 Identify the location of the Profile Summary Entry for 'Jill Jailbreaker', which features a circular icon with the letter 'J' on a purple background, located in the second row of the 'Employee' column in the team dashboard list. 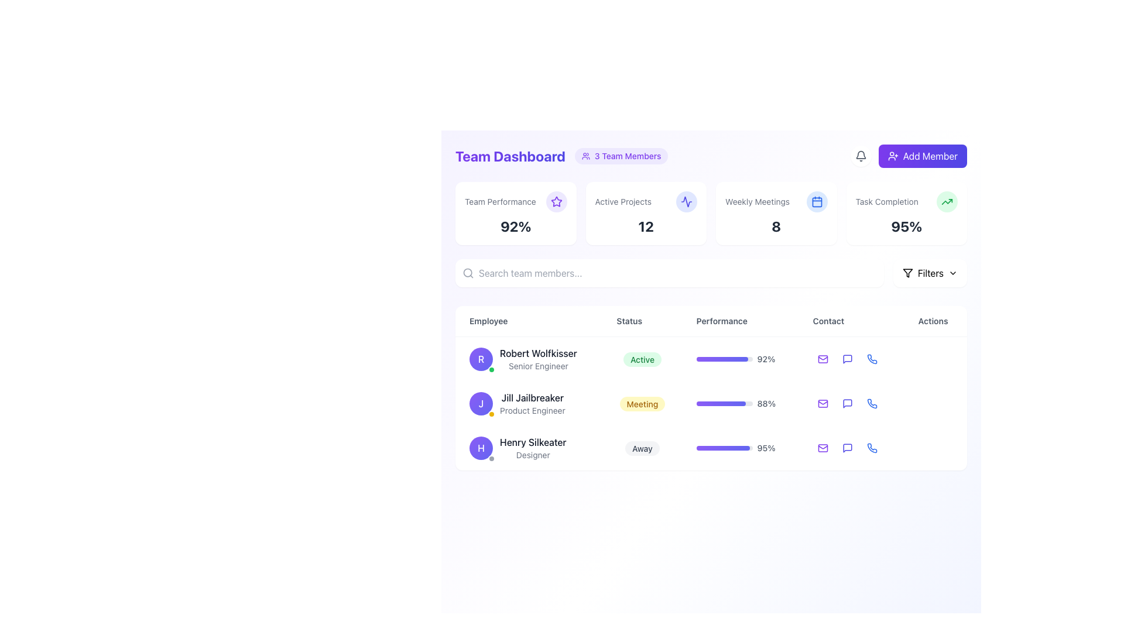
(528, 403).